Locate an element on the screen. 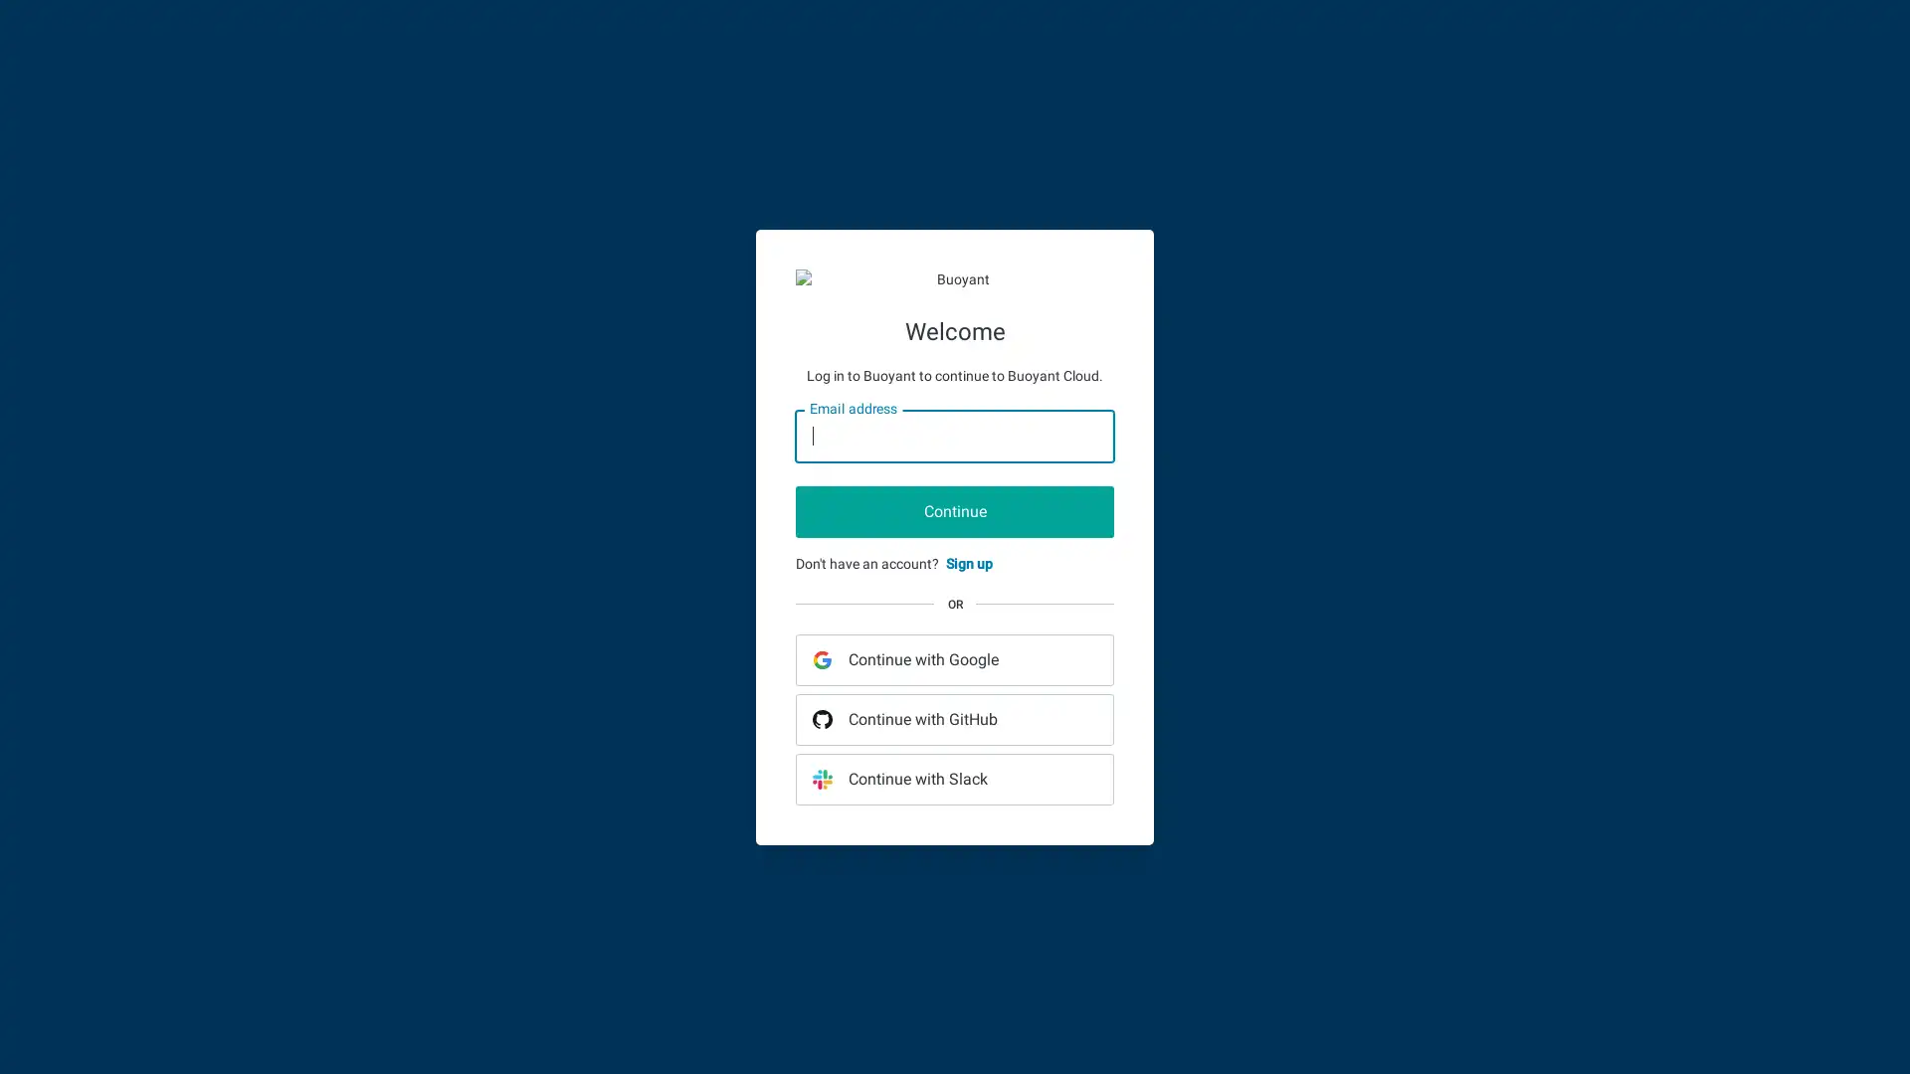  Continue with GitHub is located at coordinates (955, 718).